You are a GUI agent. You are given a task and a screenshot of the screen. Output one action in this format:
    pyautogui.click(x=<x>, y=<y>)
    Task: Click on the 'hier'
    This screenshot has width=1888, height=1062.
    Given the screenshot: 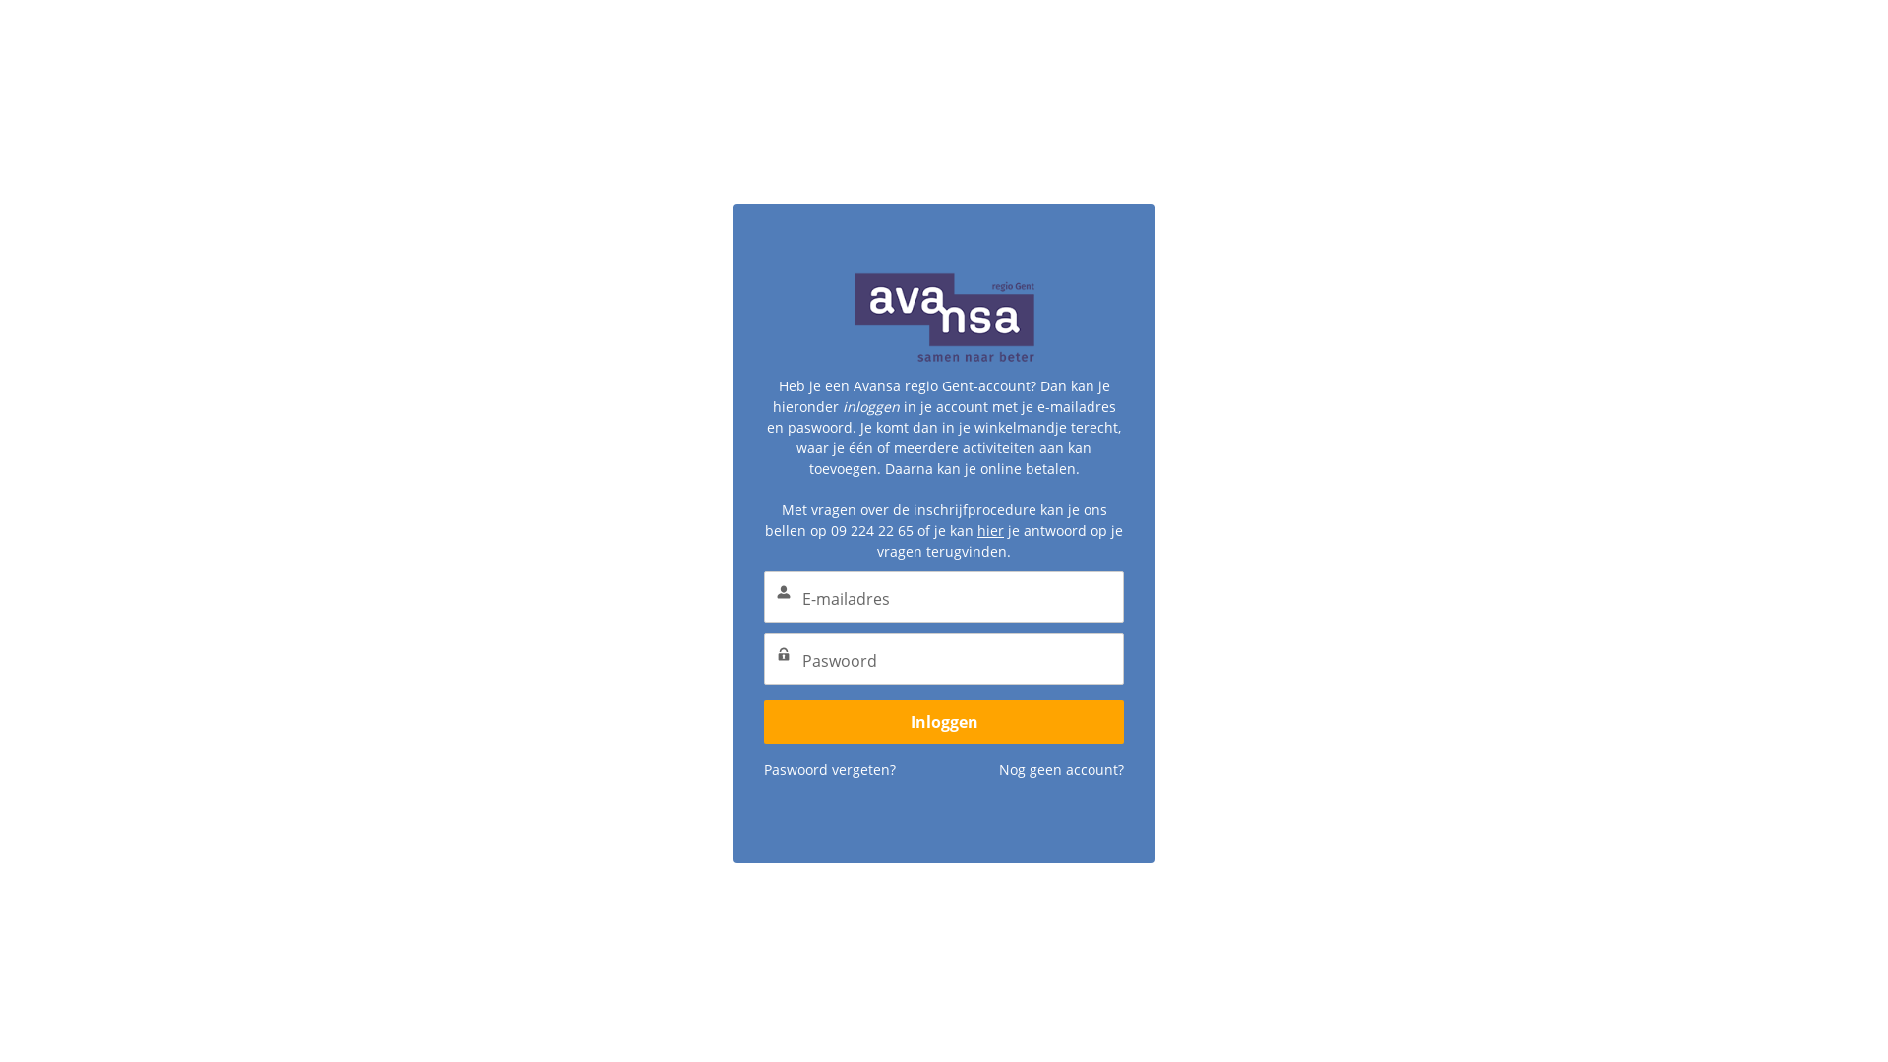 What is the action you would take?
    pyautogui.click(x=990, y=493)
    